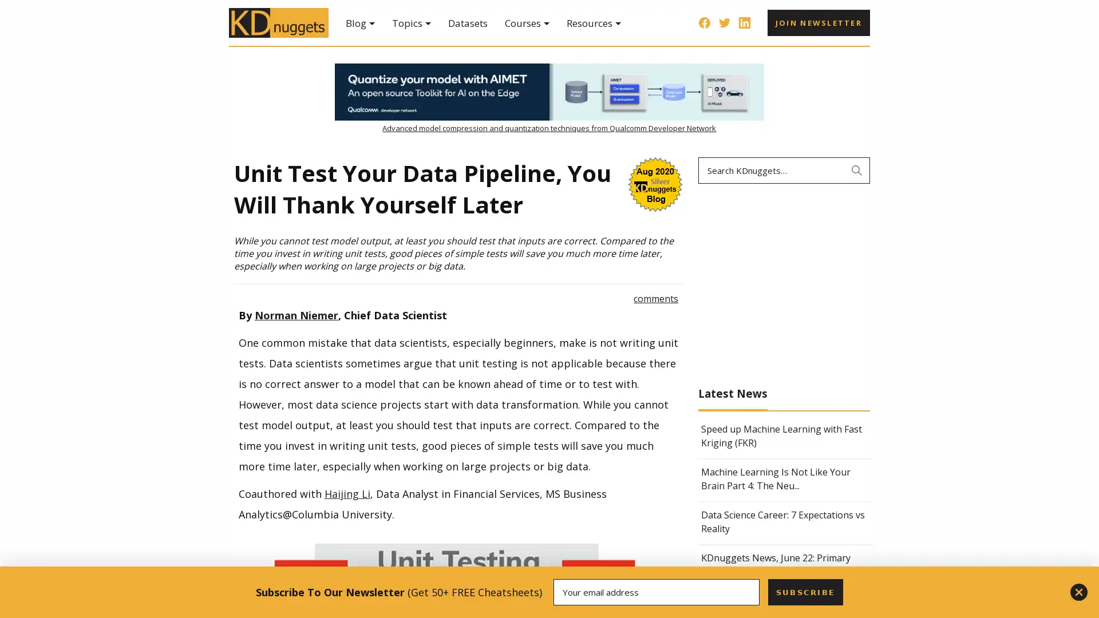  Describe the element at coordinates (857, 170) in the screenshot. I see `Search` at that location.